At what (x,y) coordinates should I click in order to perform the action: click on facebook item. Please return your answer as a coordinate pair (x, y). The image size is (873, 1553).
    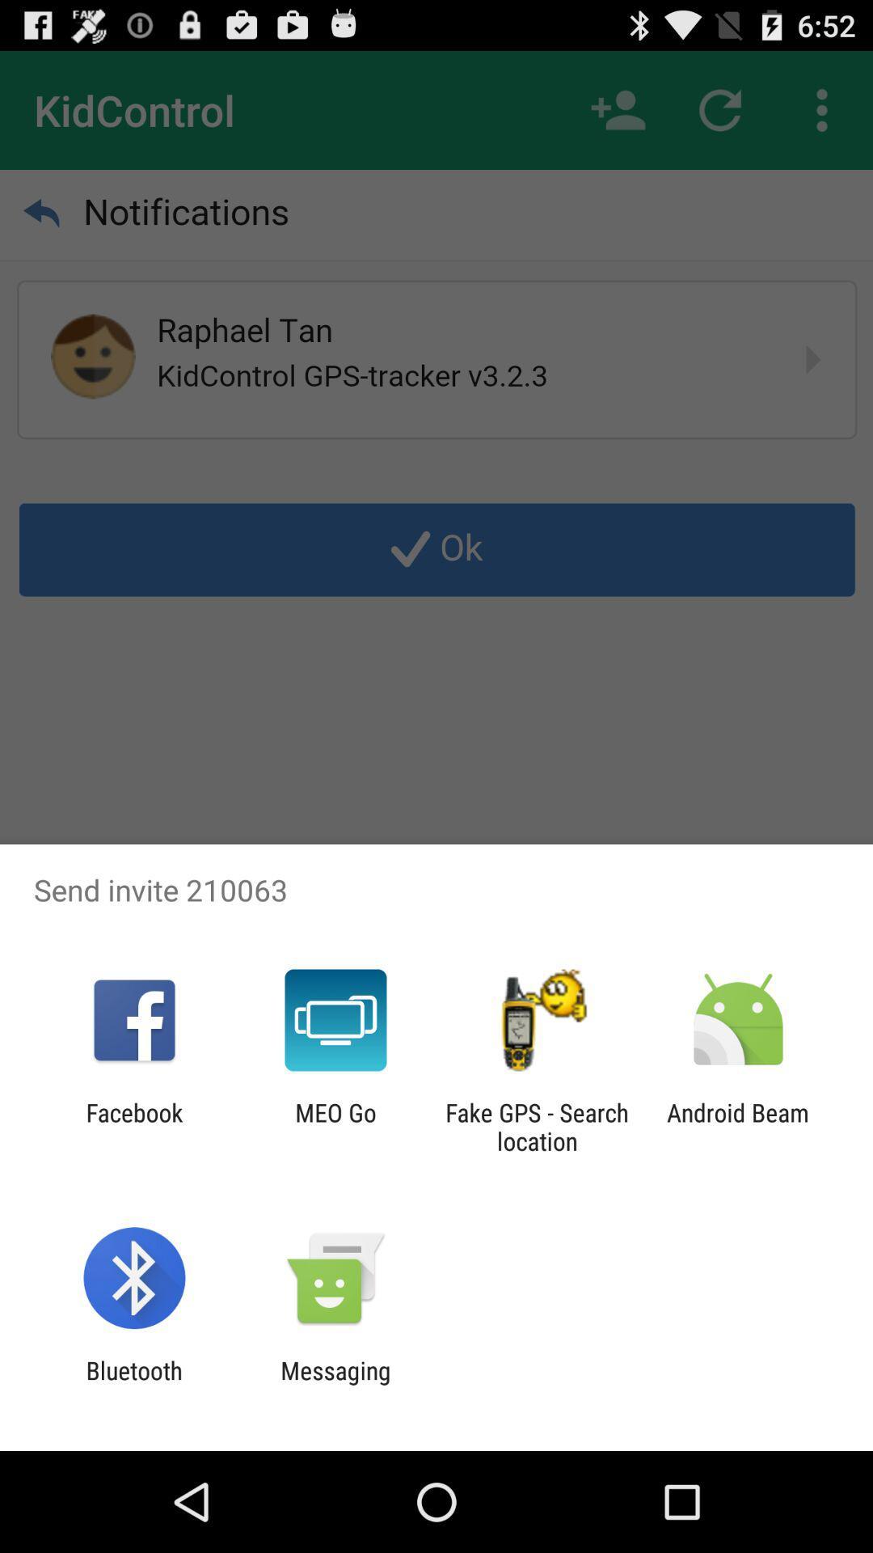
    Looking at the image, I should click on (133, 1126).